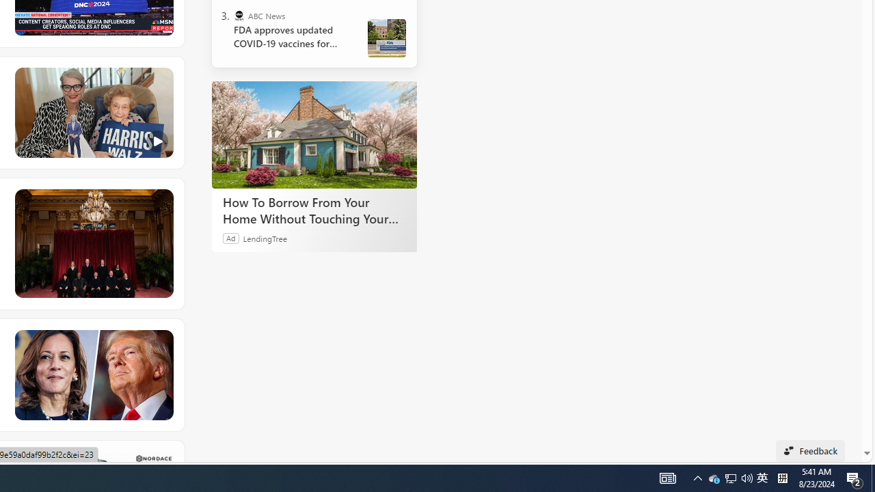 The image size is (875, 492). What do you see at coordinates (92, 112) in the screenshot?
I see `'Class: hero-image'` at bounding box center [92, 112].